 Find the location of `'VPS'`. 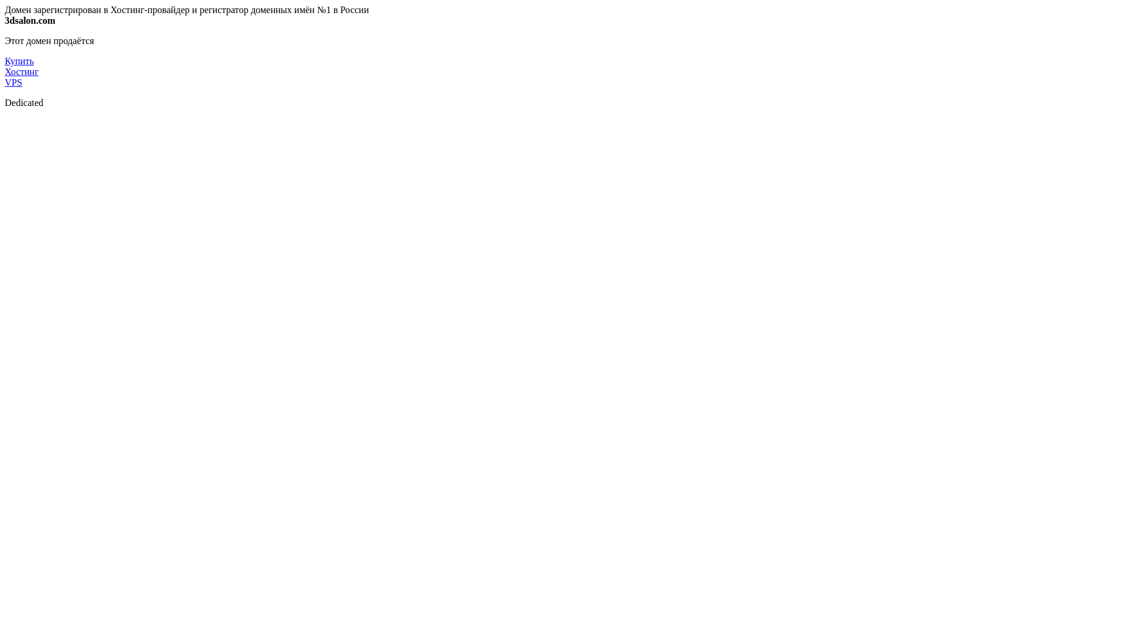

'VPS' is located at coordinates (13, 82).